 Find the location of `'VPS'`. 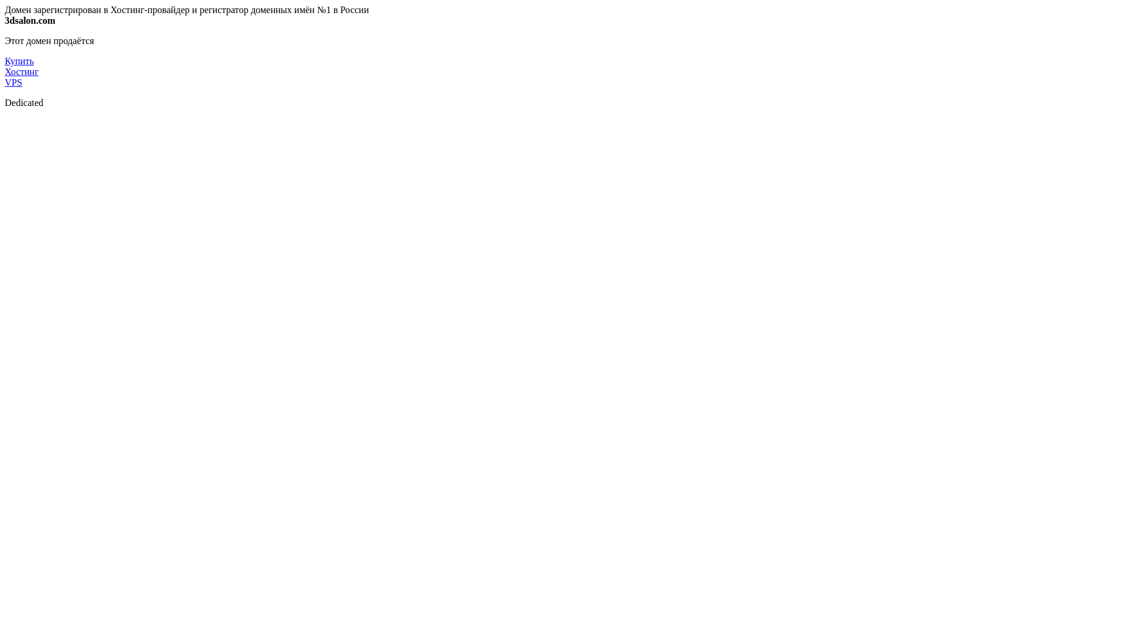

'VPS' is located at coordinates (13, 82).